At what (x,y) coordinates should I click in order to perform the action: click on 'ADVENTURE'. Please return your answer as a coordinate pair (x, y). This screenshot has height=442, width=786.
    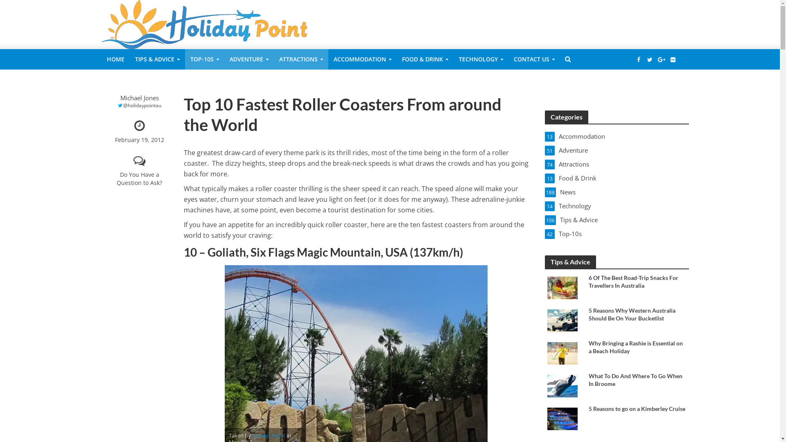
    Looking at the image, I should click on (224, 59).